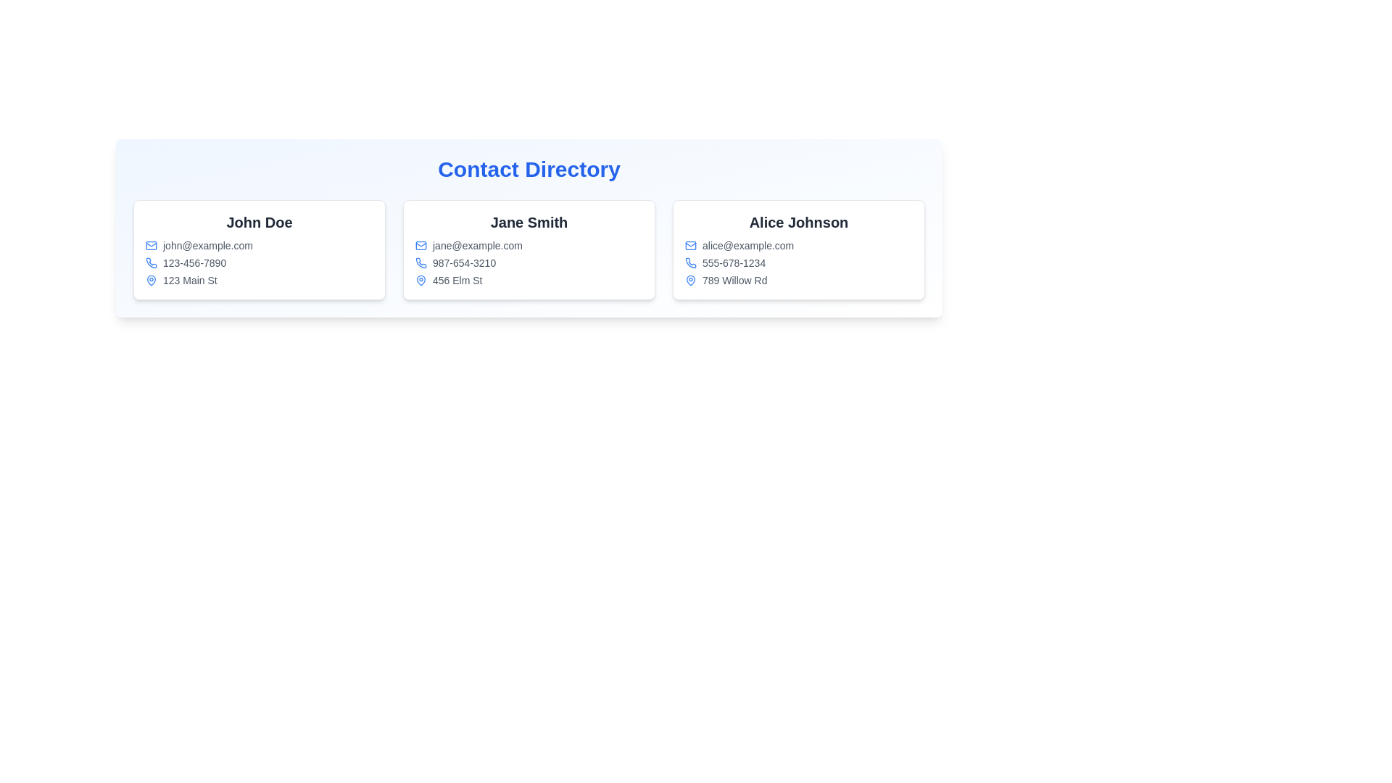  Describe the element at coordinates (798, 245) in the screenshot. I see `email address displayed in gray font on the contact card for 'Alice Johnson', located at the coordinates provided` at that location.